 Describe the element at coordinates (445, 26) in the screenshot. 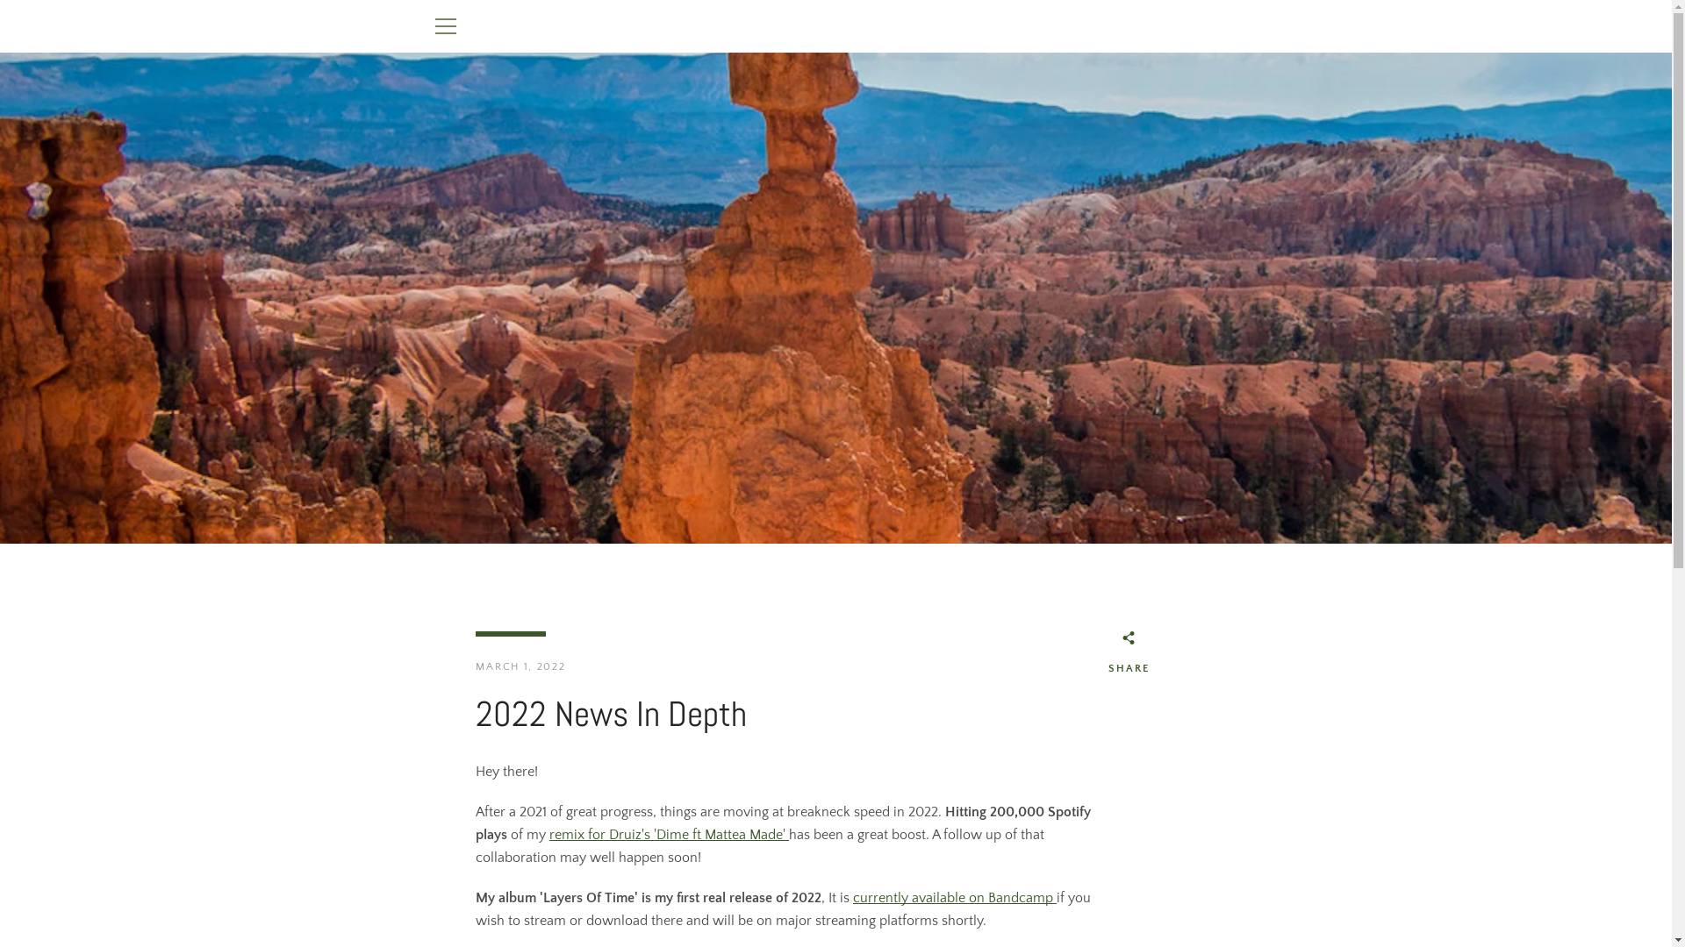

I see `'MENU'` at that location.